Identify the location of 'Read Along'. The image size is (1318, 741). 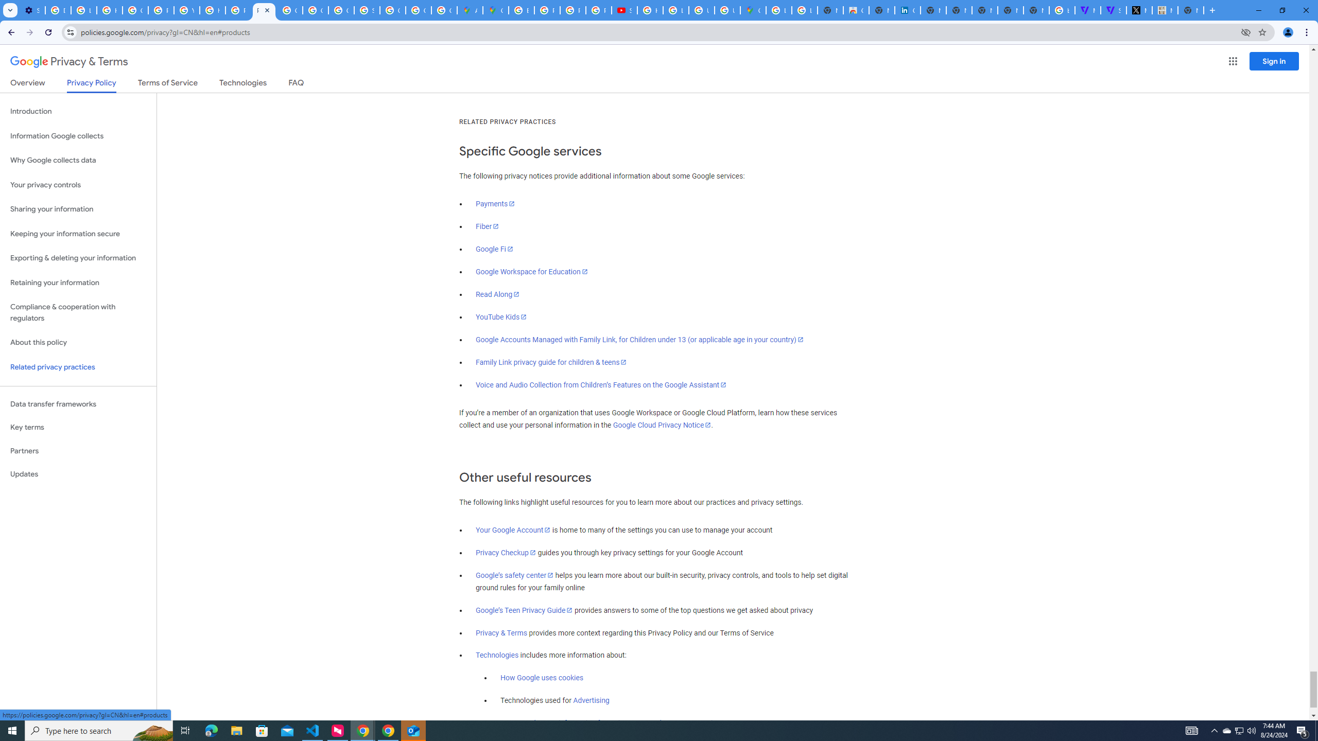
(497, 293).